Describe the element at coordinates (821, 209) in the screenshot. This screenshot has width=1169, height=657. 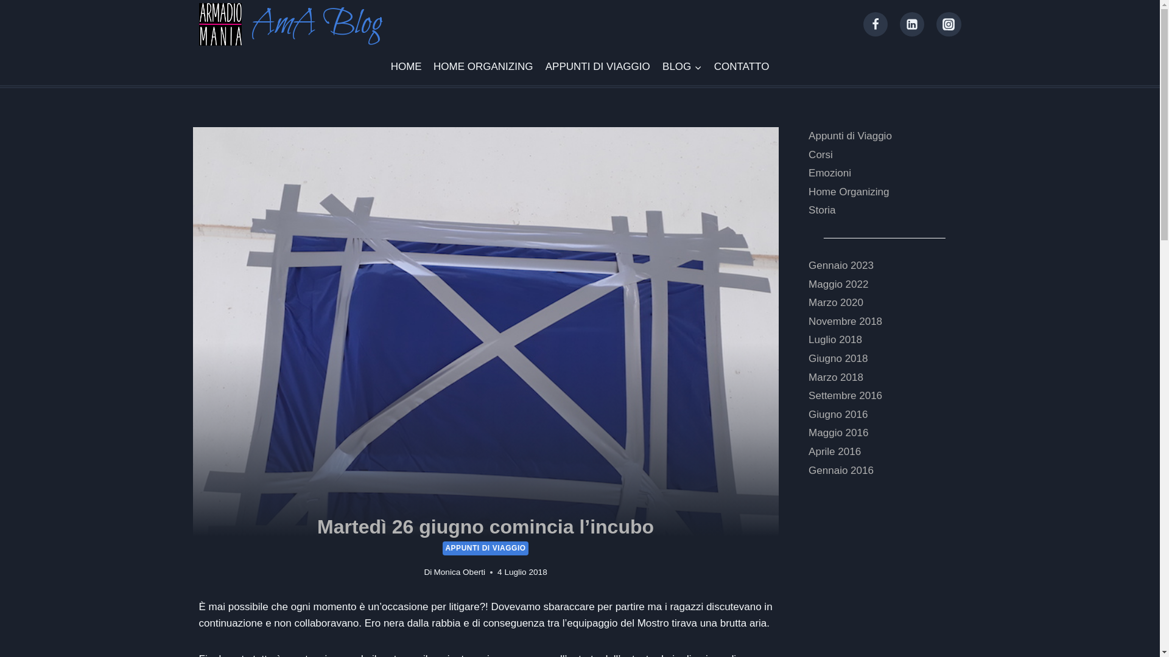
I see `'Storia'` at that location.